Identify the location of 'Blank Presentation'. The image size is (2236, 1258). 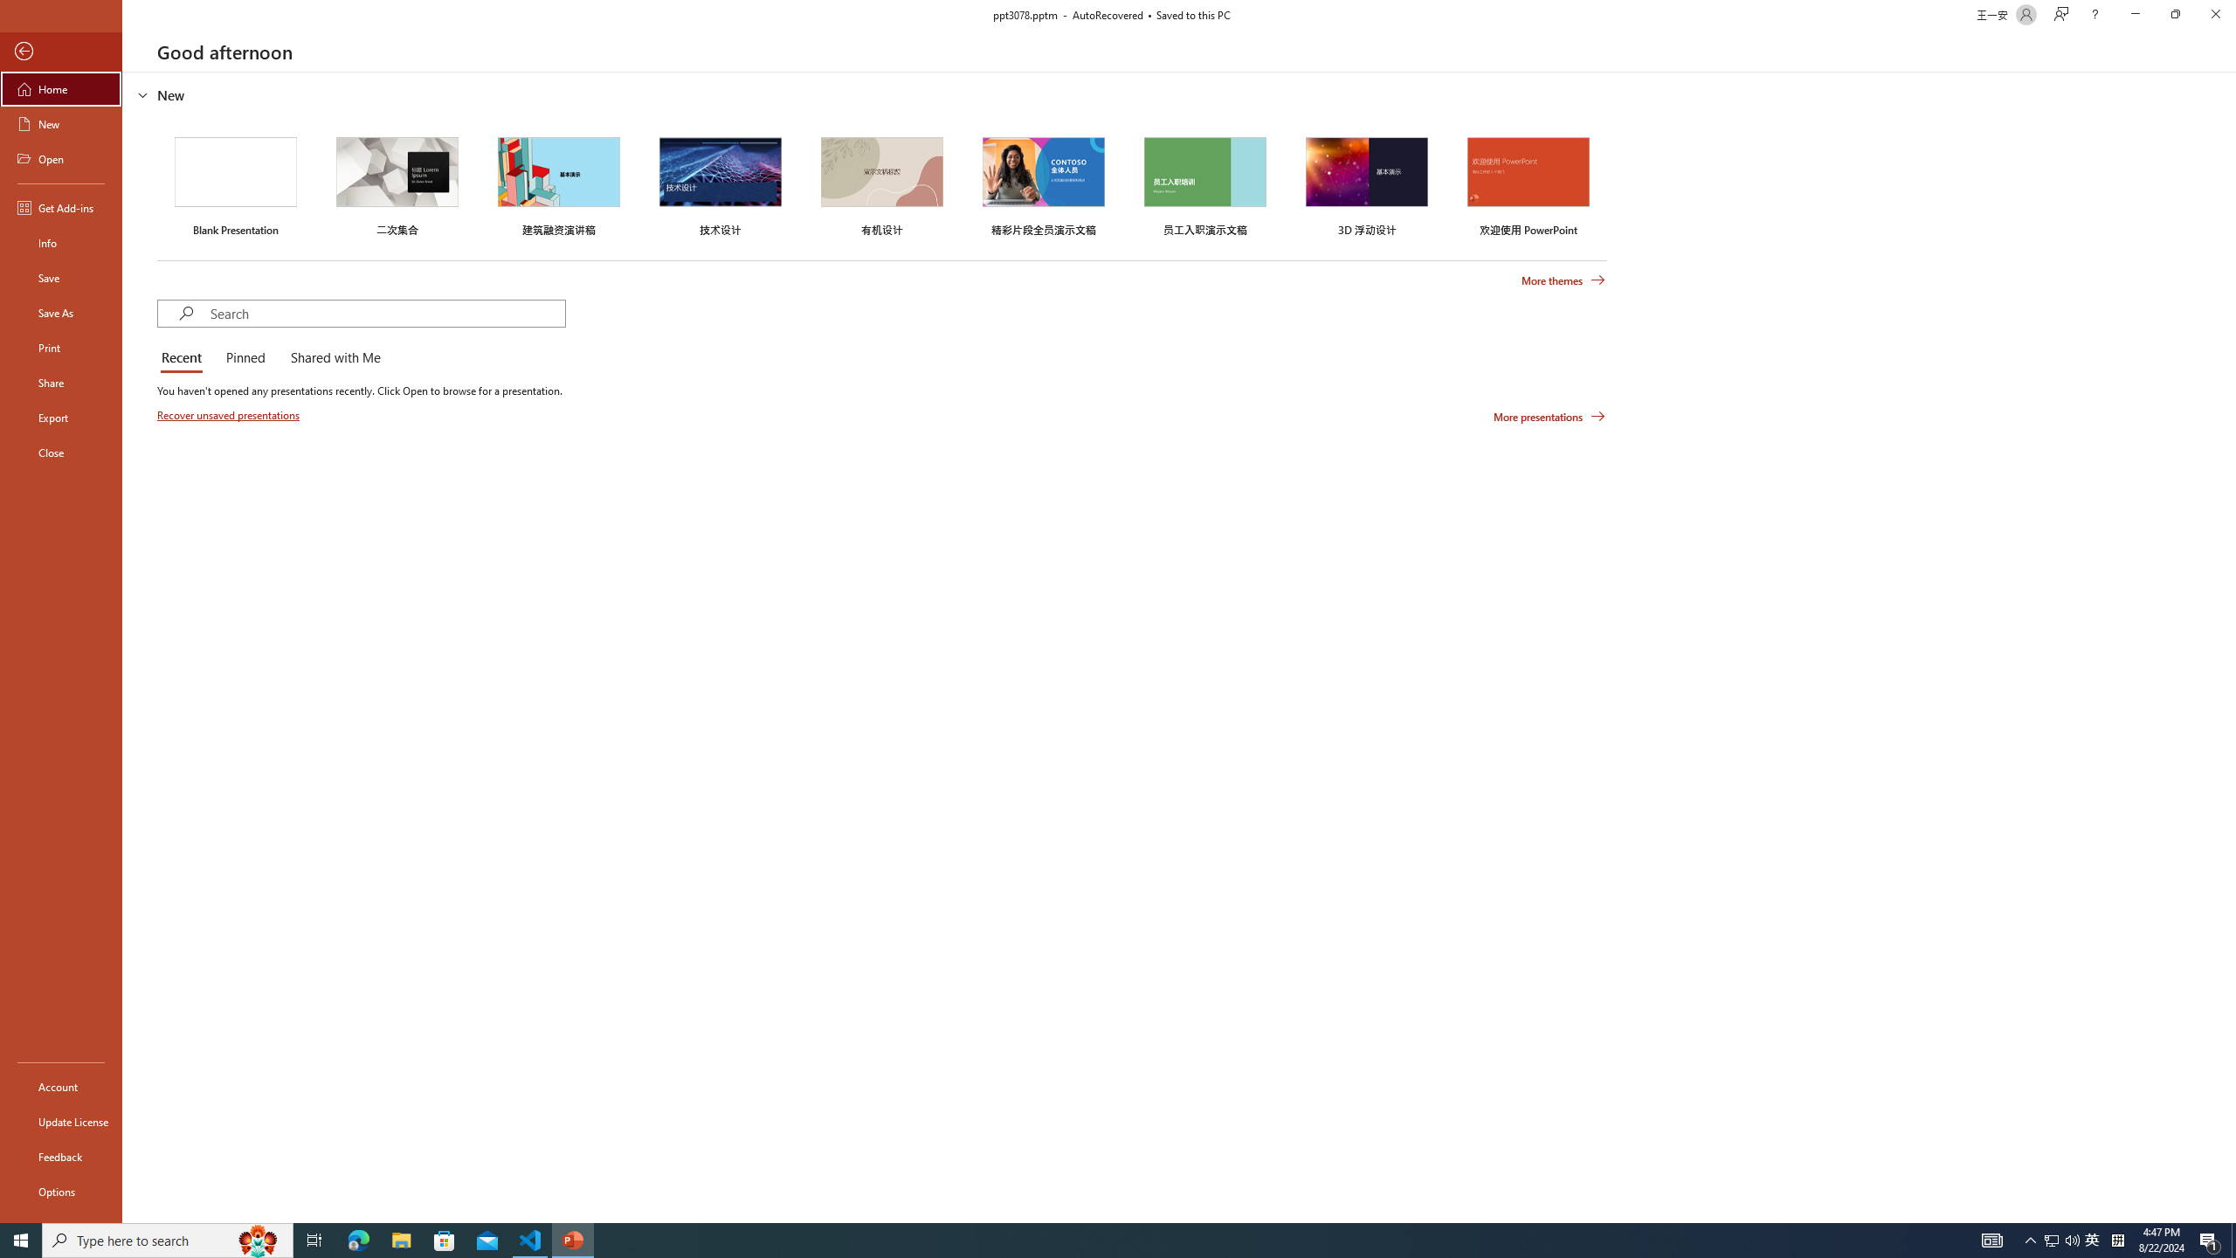
(235, 183).